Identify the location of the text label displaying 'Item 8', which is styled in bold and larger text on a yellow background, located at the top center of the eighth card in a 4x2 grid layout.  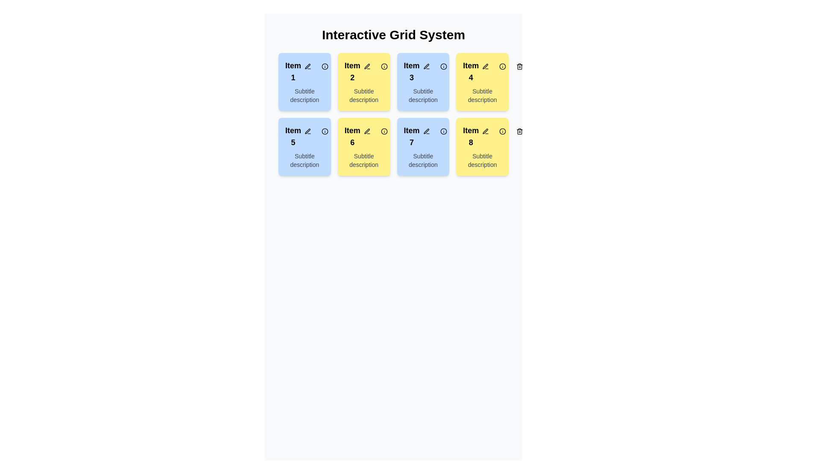
(470, 136).